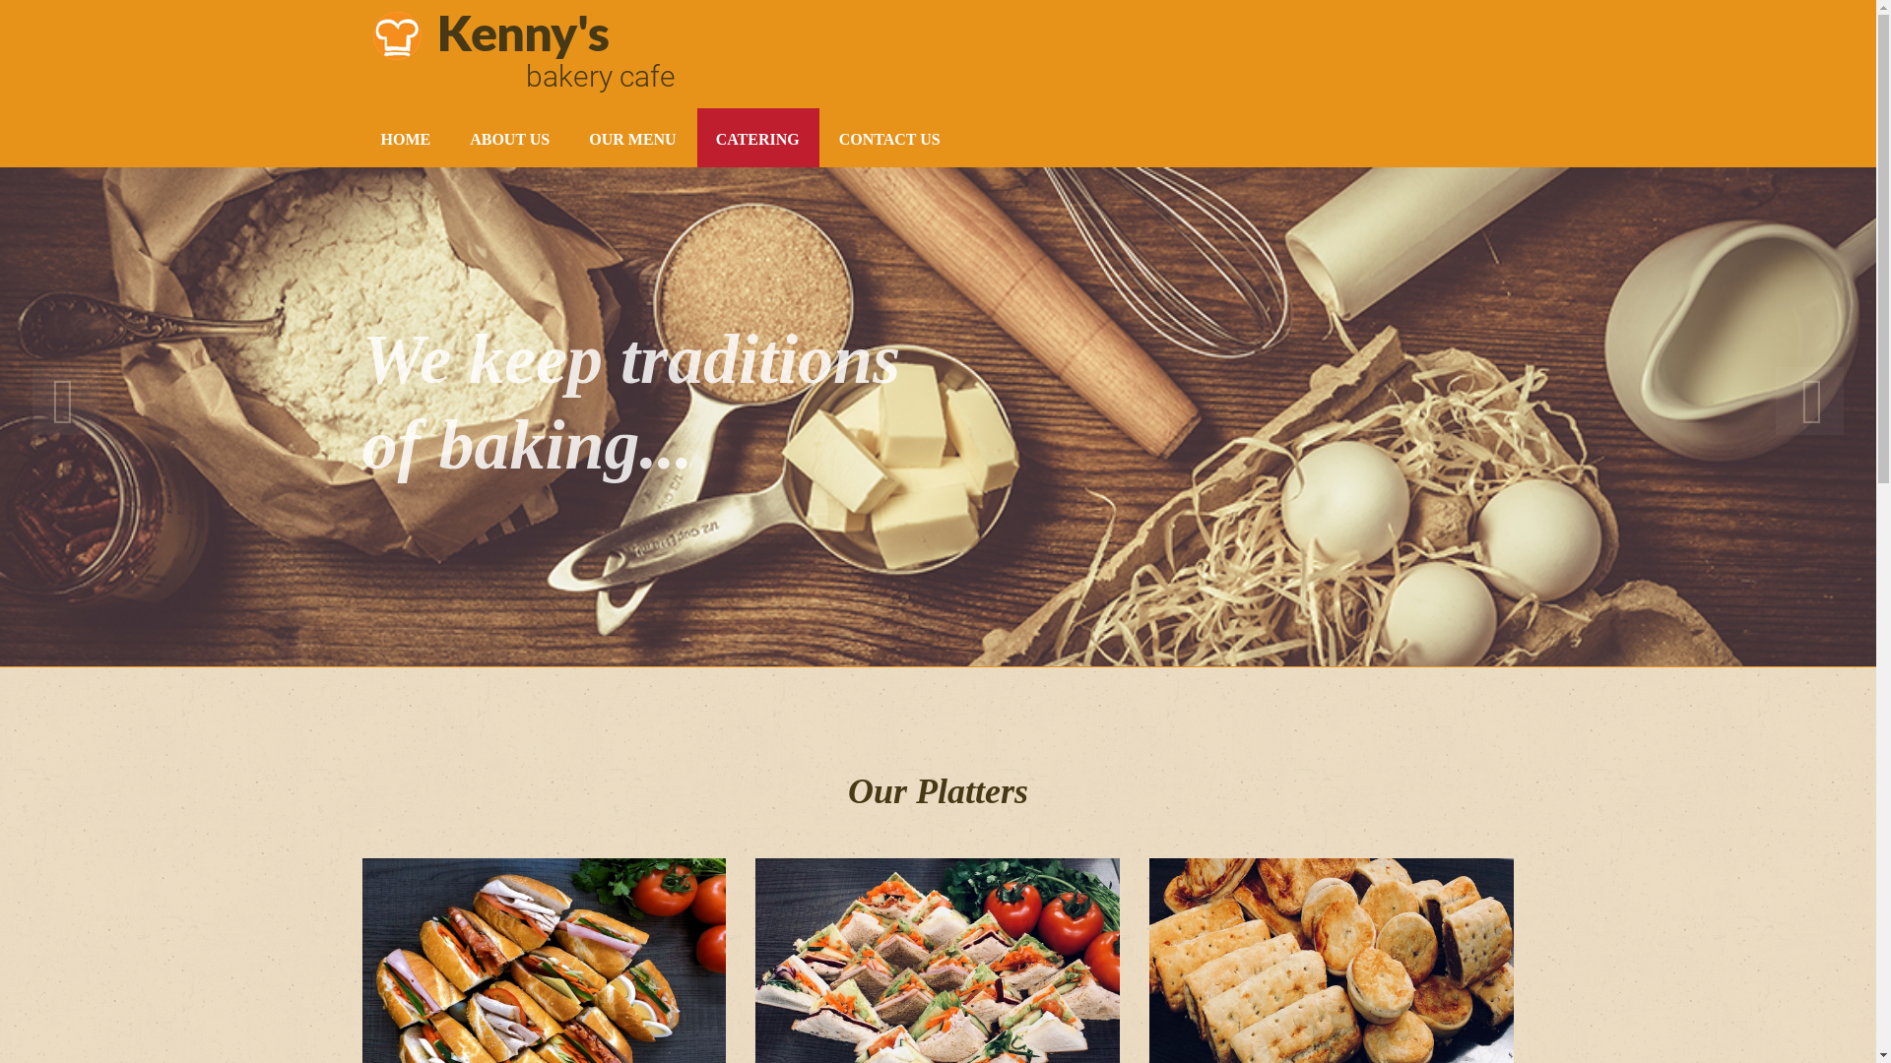  Describe the element at coordinates (449, 136) in the screenshot. I see `'ABOUT US'` at that location.